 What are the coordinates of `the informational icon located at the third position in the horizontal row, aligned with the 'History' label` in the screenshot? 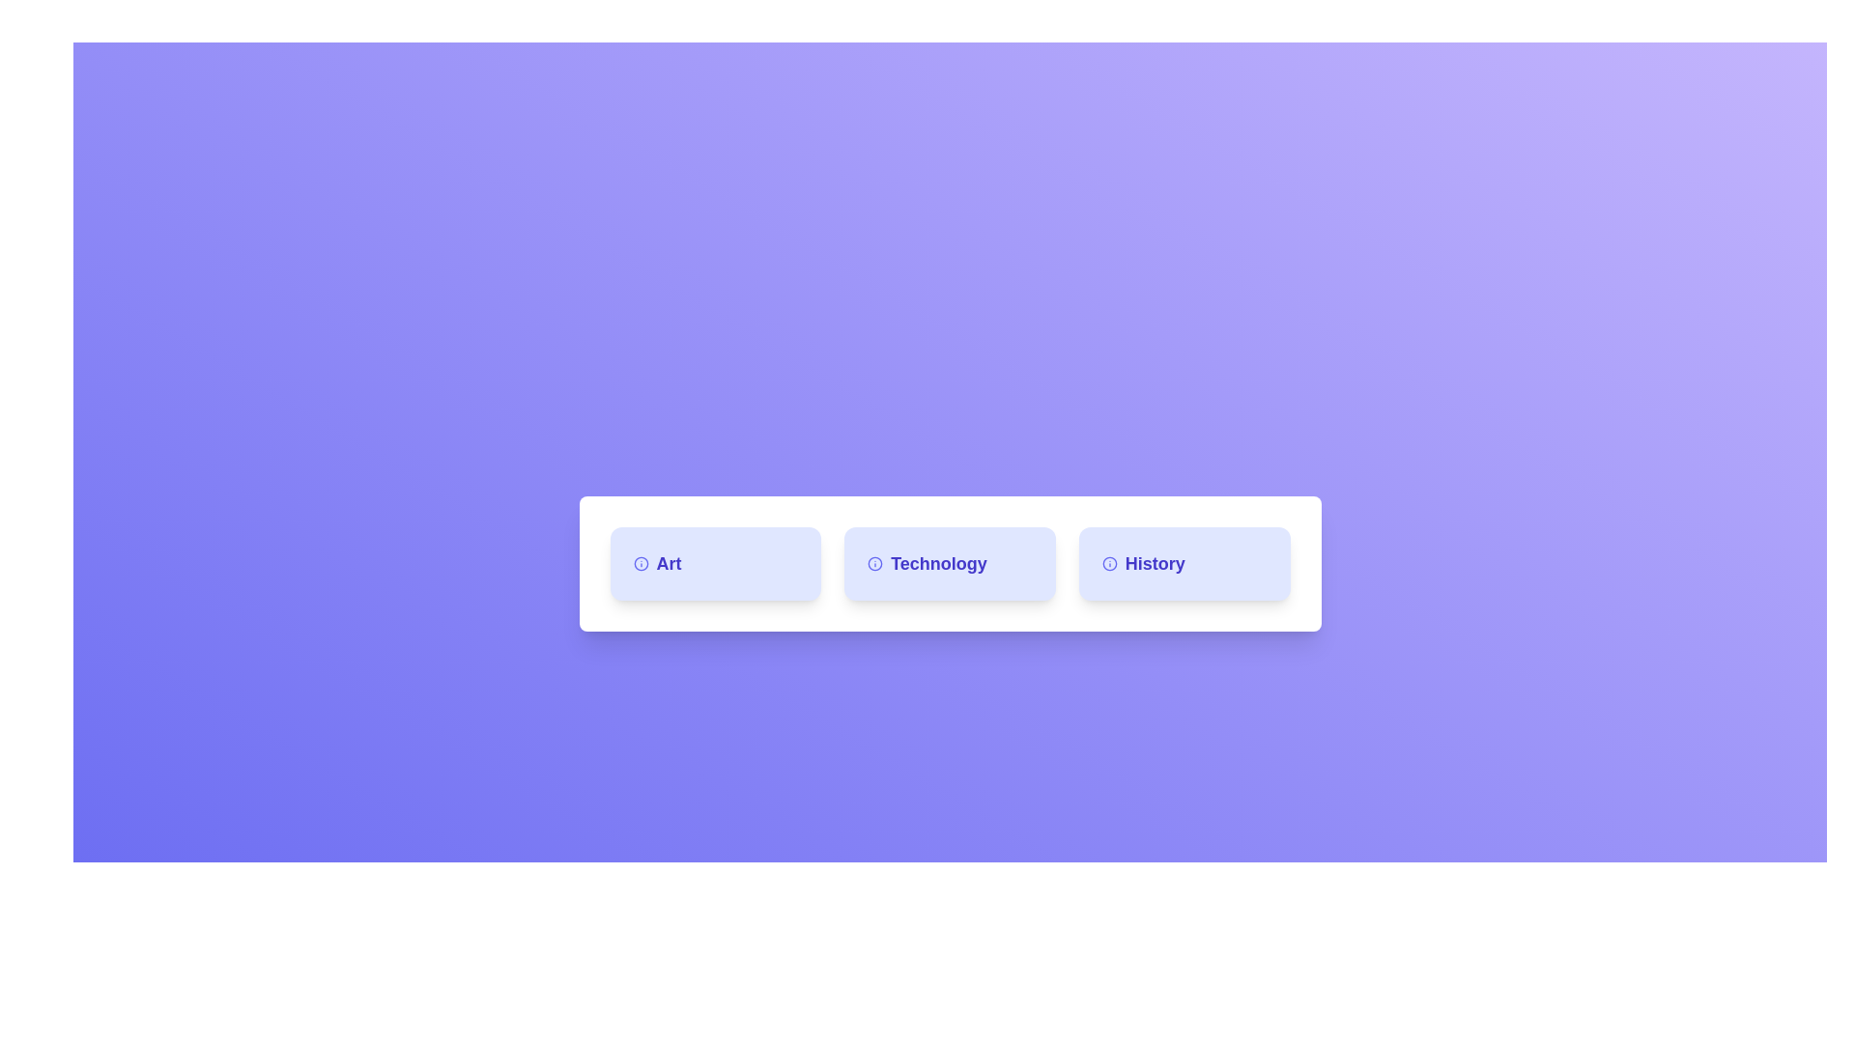 It's located at (1109, 563).